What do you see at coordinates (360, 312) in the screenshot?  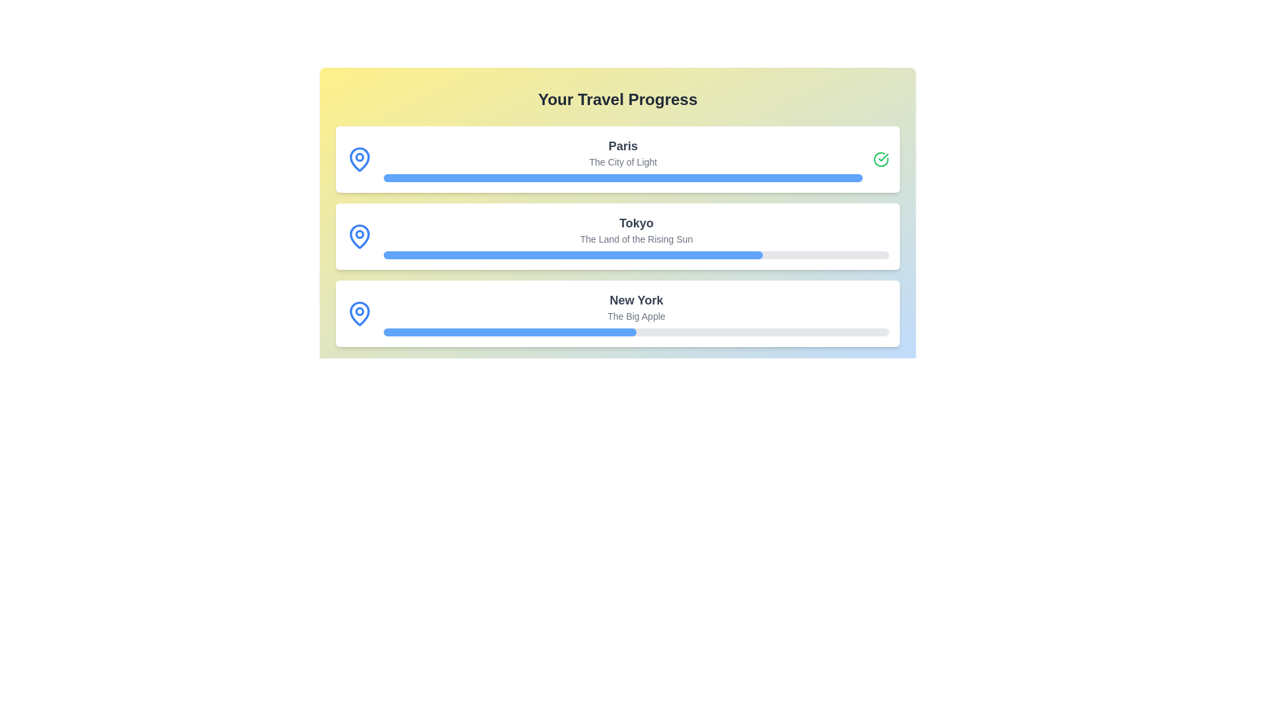 I see `the third map pin icon indicating the 'New York' travel progress section` at bounding box center [360, 312].